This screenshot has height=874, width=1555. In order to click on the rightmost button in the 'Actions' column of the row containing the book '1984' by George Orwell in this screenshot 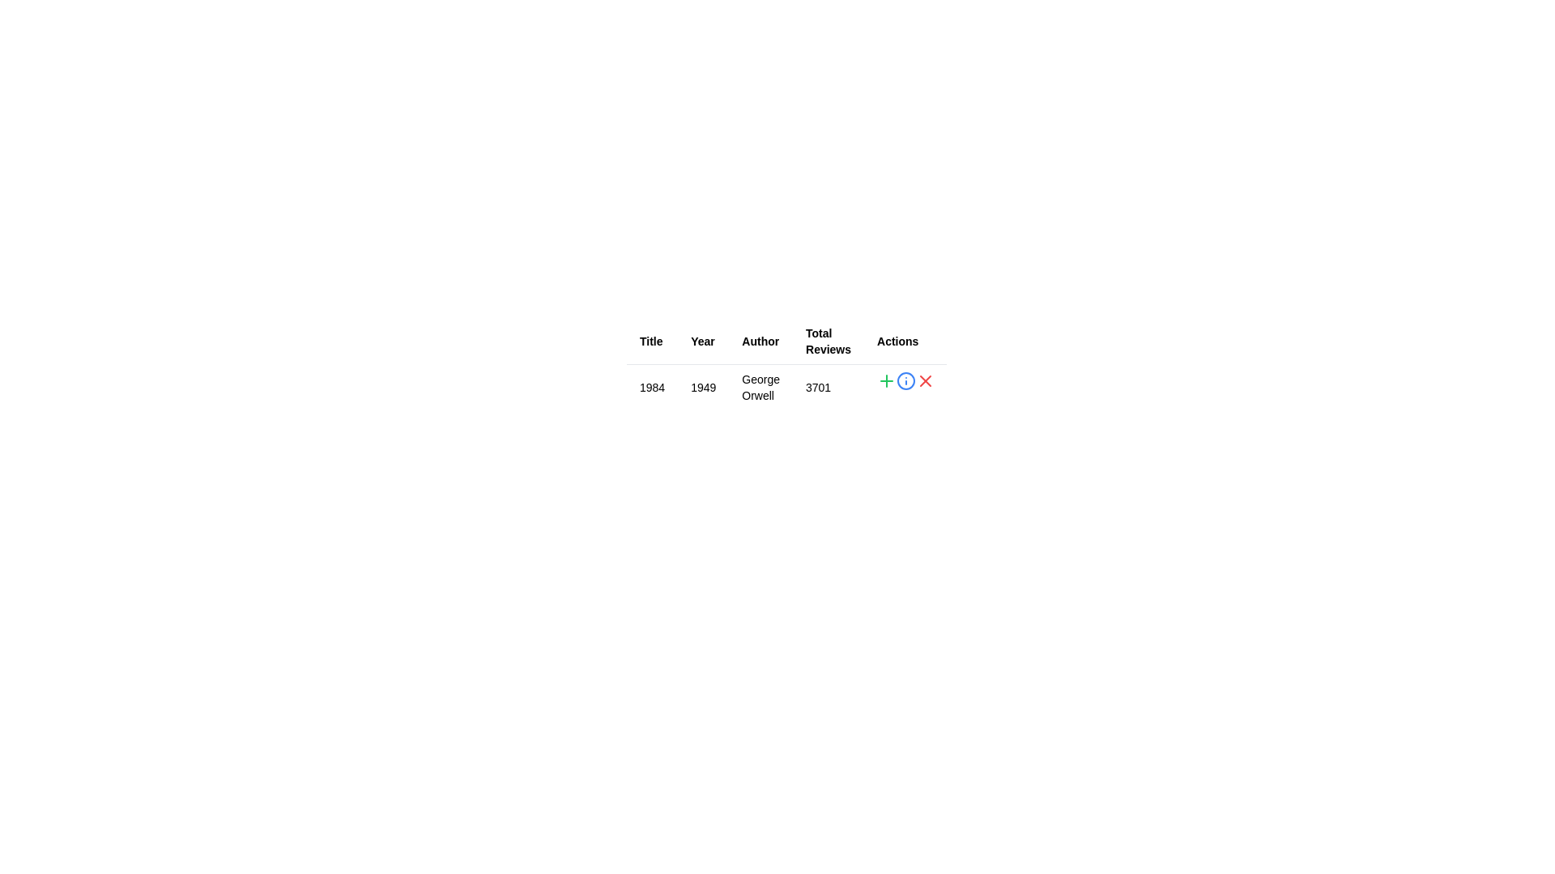, I will do `click(925, 380)`.